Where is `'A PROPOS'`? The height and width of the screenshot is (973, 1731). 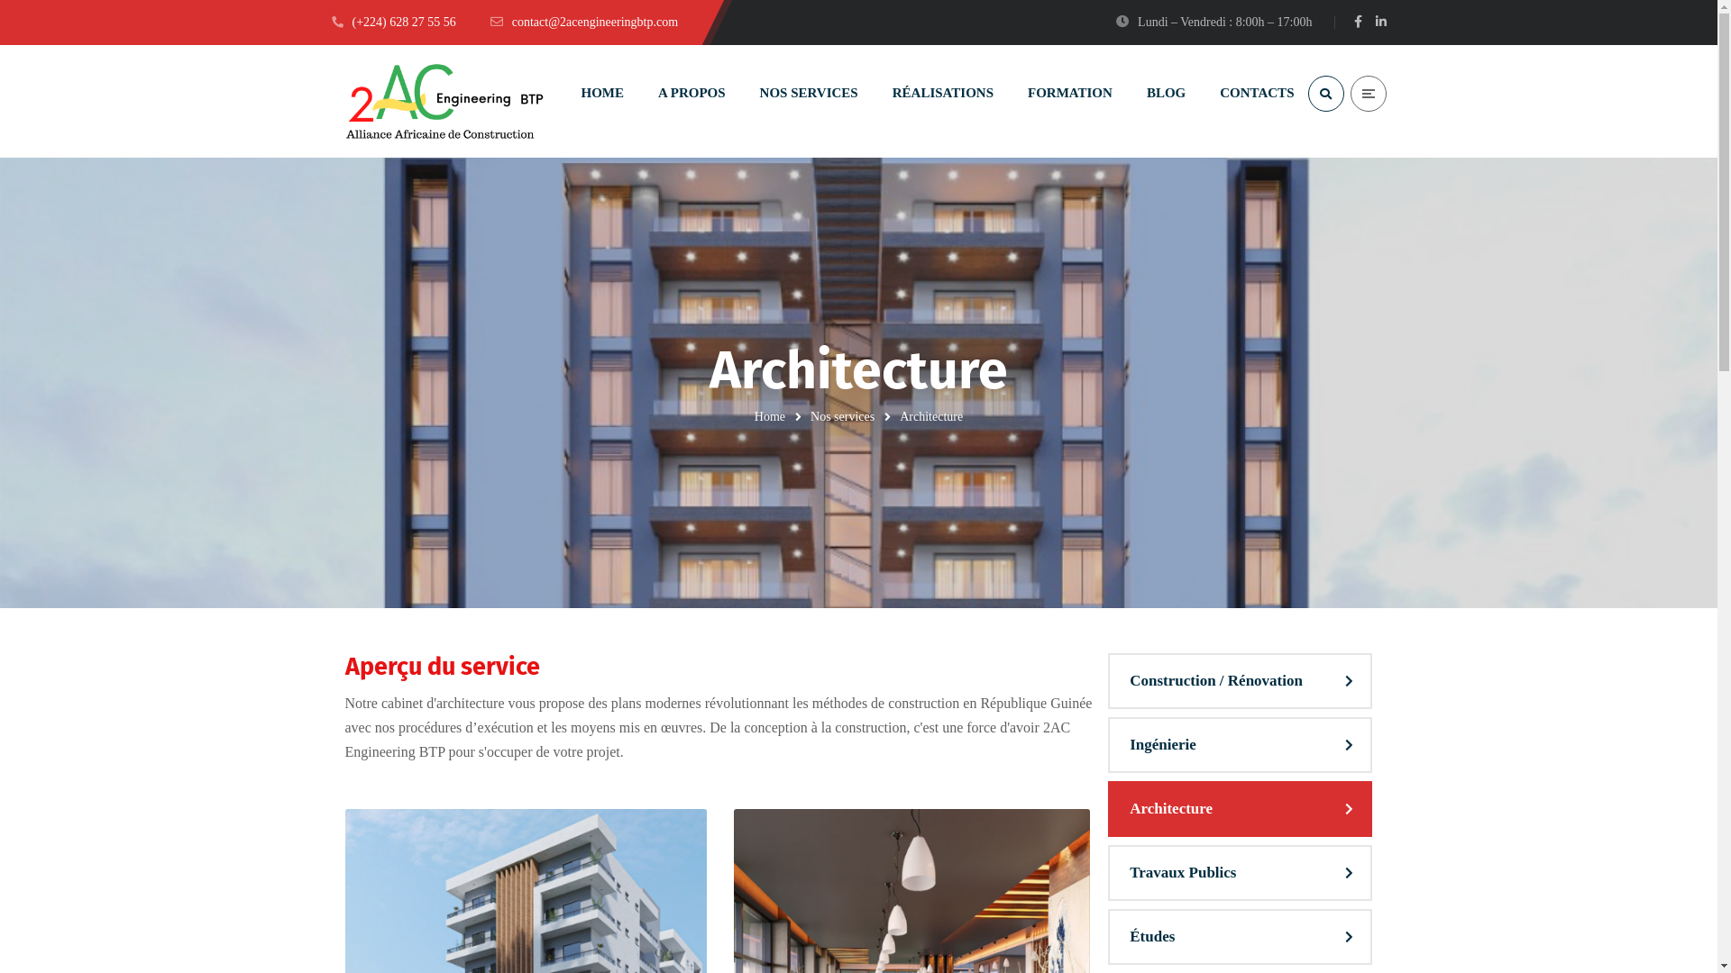
'A PROPOS' is located at coordinates (691, 93).